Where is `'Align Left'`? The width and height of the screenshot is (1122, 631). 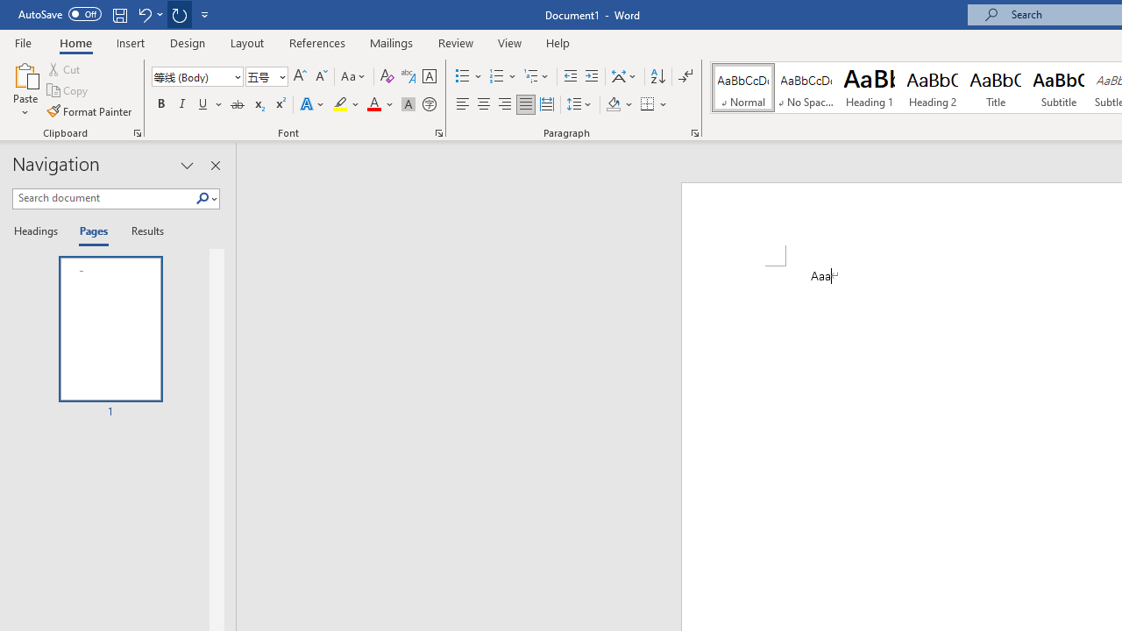
'Align Left' is located at coordinates (463, 104).